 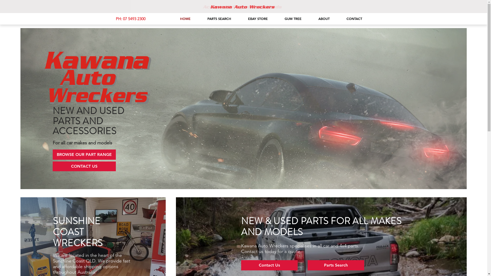 What do you see at coordinates (336, 265) in the screenshot?
I see `'Parts Search'` at bounding box center [336, 265].